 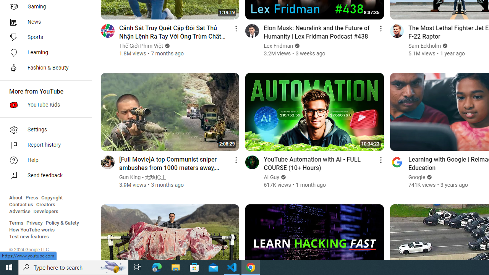 I want to click on 'YouTube Kids', so click(x=43, y=105).